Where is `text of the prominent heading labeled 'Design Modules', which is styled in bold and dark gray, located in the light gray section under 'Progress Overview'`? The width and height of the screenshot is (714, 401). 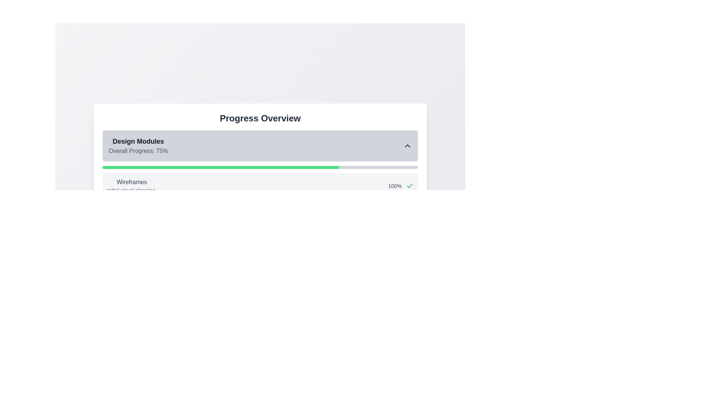
text of the prominent heading labeled 'Design Modules', which is styled in bold and dark gray, located in the light gray section under 'Progress Overview' is located at coordinates (138, 141).